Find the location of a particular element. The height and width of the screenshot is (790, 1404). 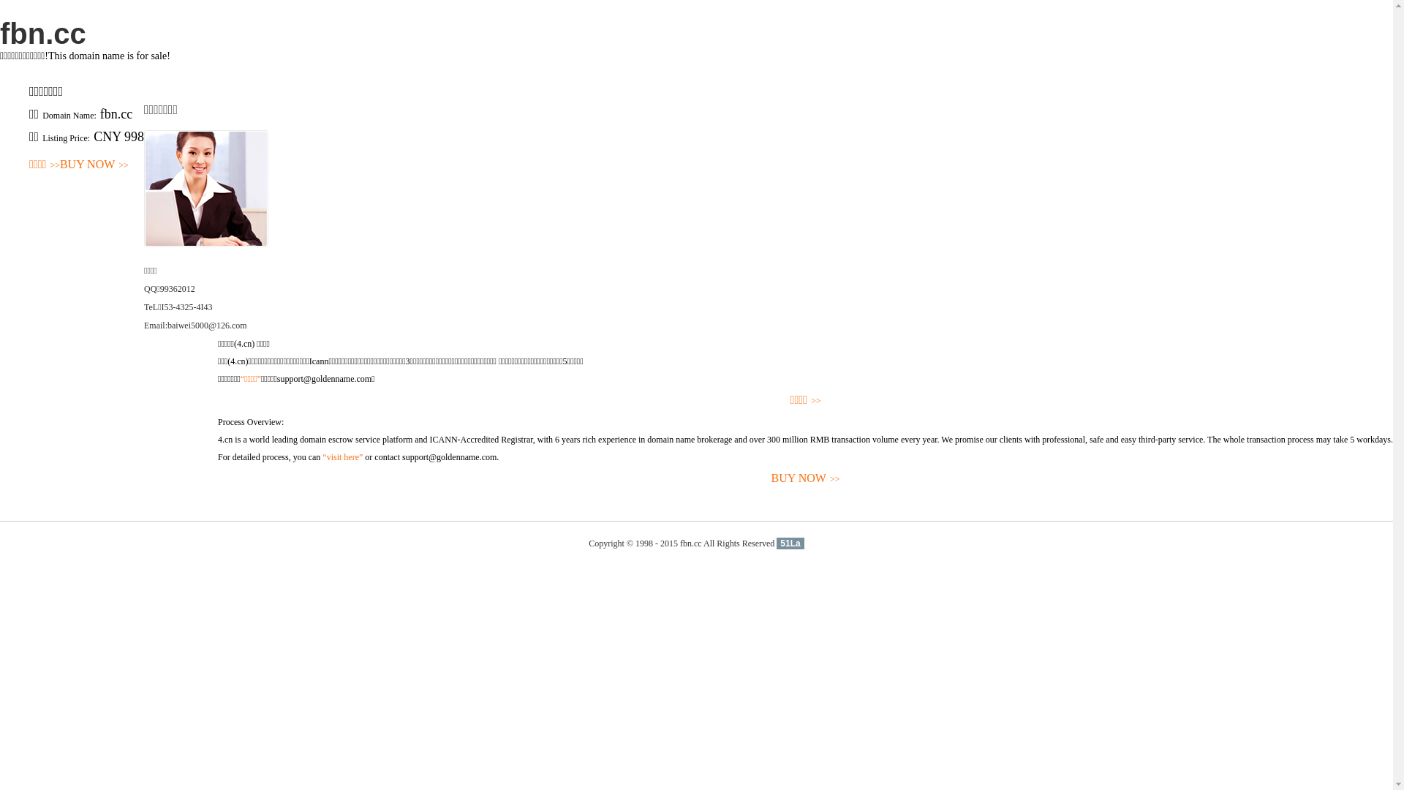

'BUY NOW>>' is located at coordinates (216, 478).